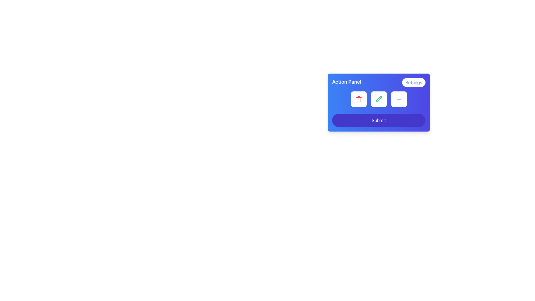 The height and width of the screenshot is (301, 535). What do you see at coordinates (398, 99) in the screenshot?
I see `the blue plus icon ('+') button located in the bottom-right blue action panel` at bounding box center [398, 99].